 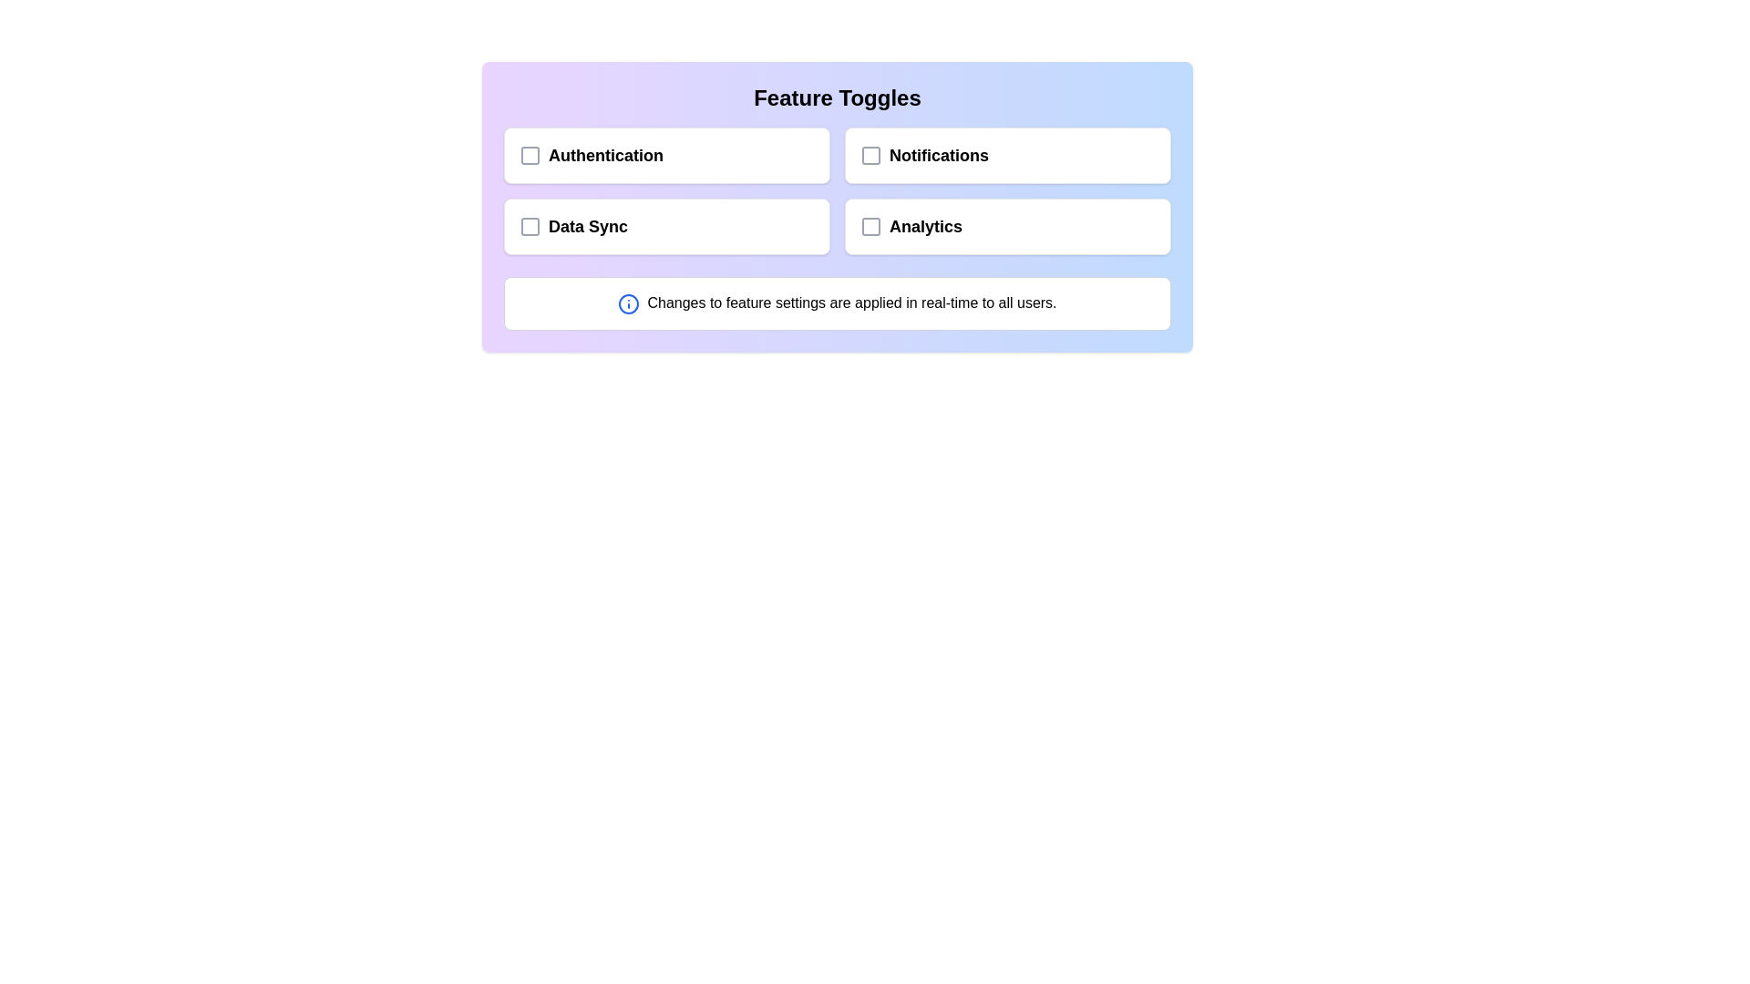 I want to click on the checkbox indicator for 'Analytics', which is a small square with a light-gray border located in the bottom-right quadrant of the 'Feature Toggles' interface, so click(x=870, y=226).